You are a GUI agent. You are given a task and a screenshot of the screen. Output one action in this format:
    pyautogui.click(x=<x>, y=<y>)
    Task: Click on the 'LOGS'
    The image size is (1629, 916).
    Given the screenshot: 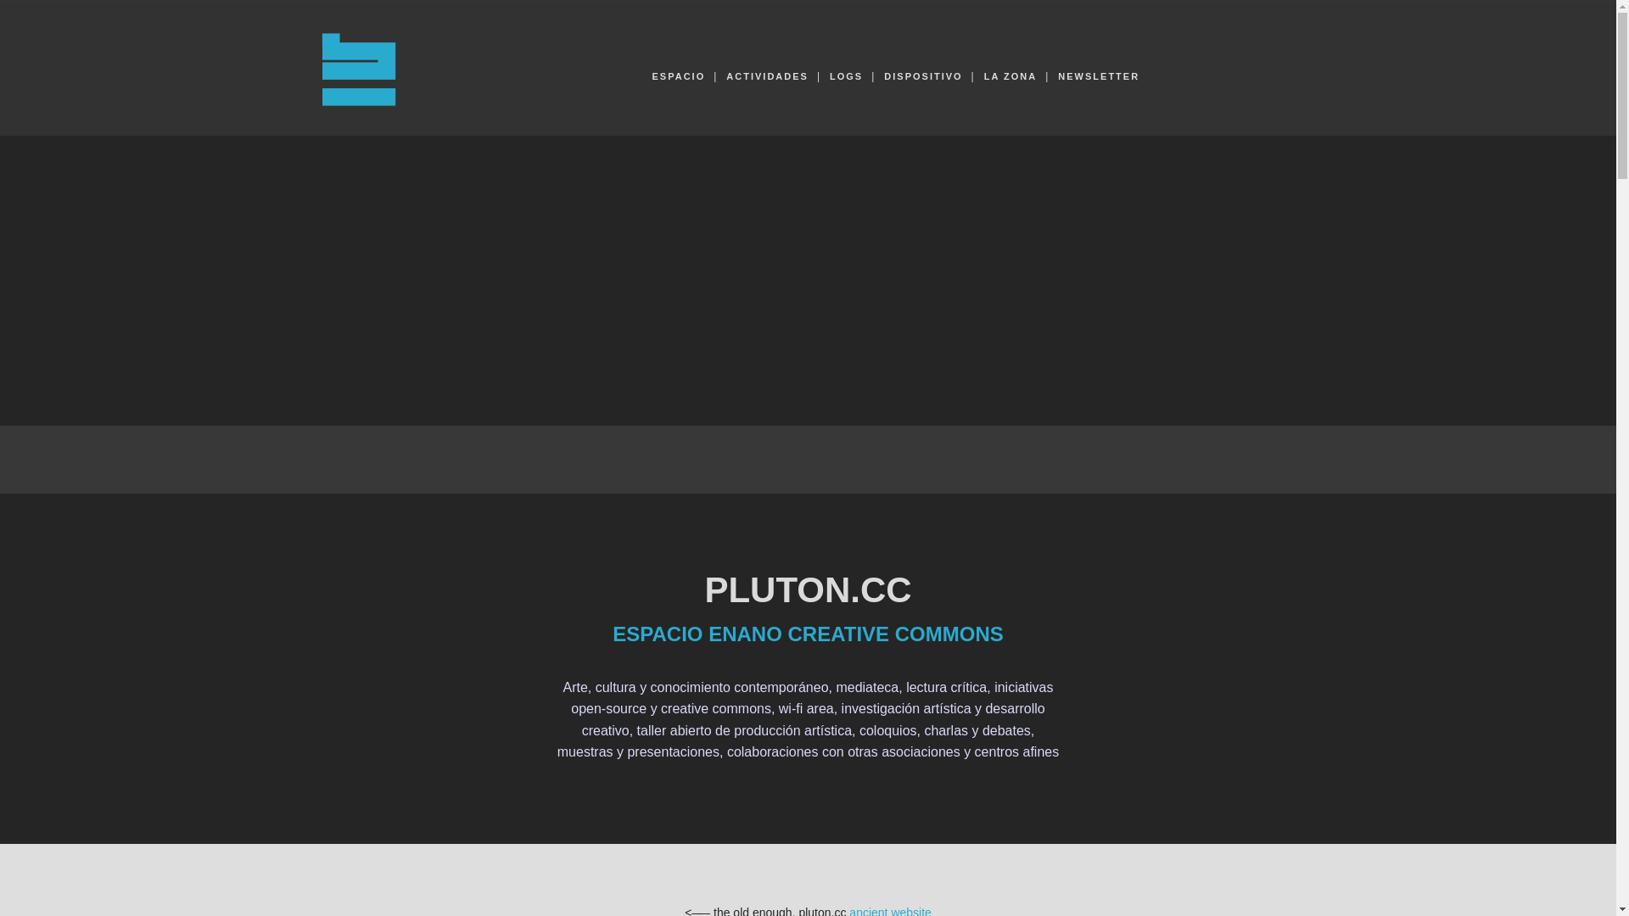 What is the action you would take?
    pyautogui.click(x=830, y=75)
    